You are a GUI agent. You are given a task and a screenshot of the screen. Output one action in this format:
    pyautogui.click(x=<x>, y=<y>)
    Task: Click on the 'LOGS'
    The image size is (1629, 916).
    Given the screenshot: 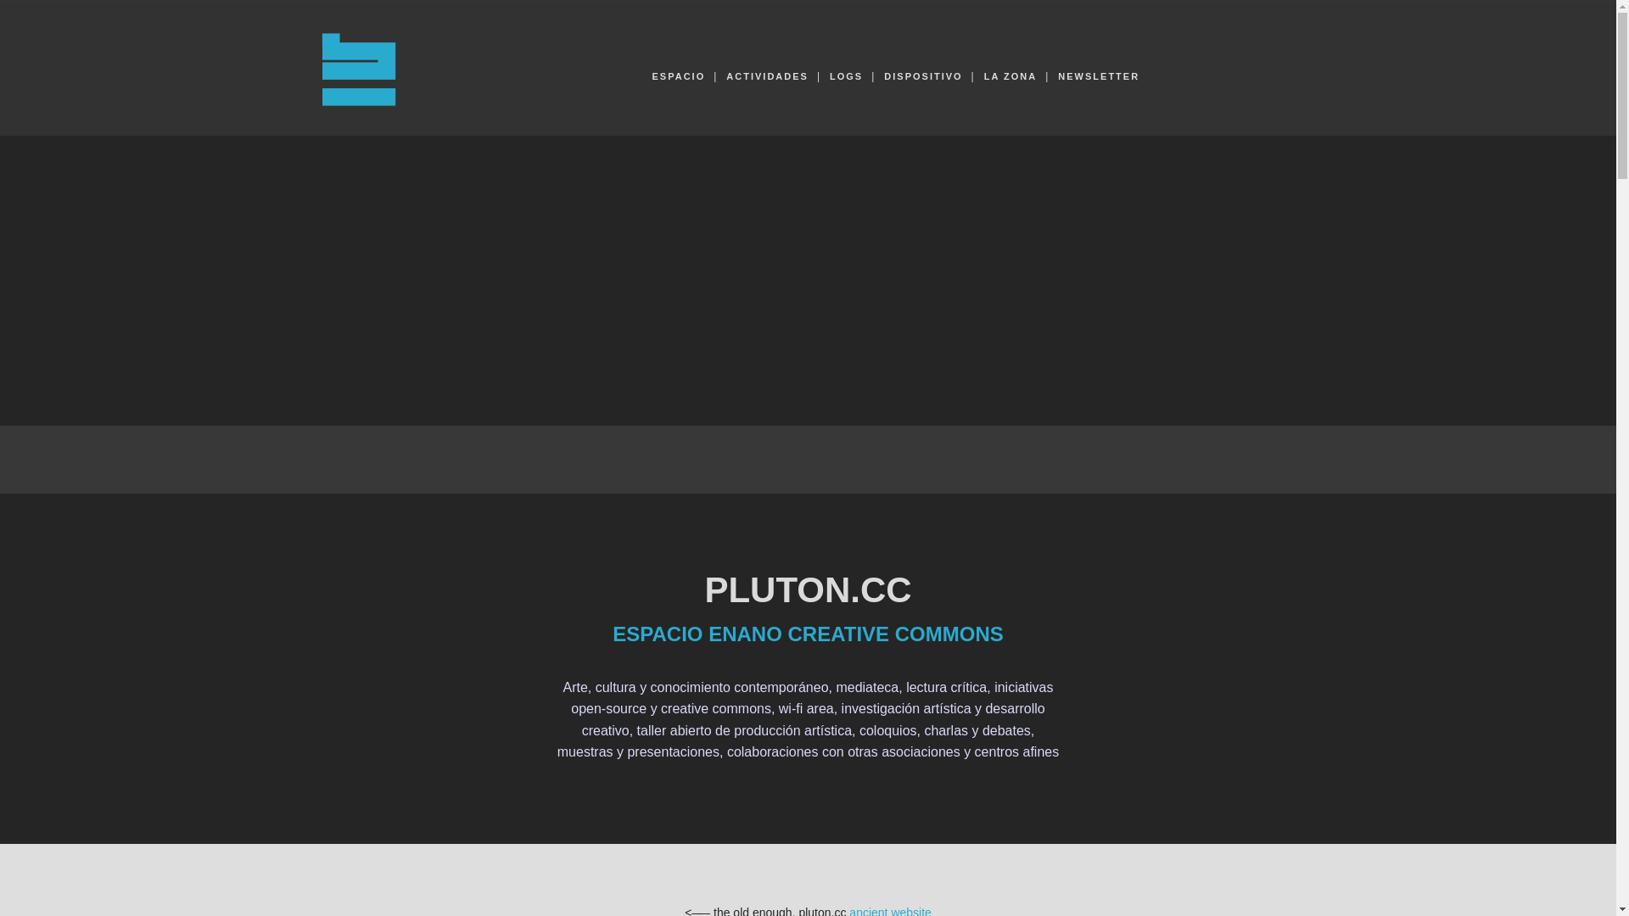 What is the action you would take?
    pyautogui.click(x=830, y=75)
    